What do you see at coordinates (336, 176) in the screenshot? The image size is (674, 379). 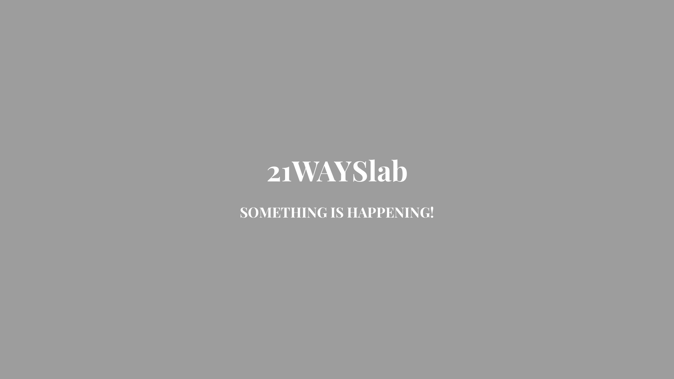 I see `'21WAYSlab'` at bounding box center [336, 176].